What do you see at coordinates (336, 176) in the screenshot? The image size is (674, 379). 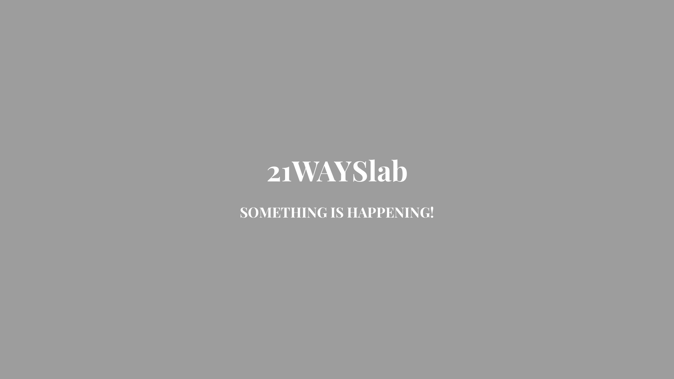 I see `'21WAYSlab'` at bounding box center [336, 176].